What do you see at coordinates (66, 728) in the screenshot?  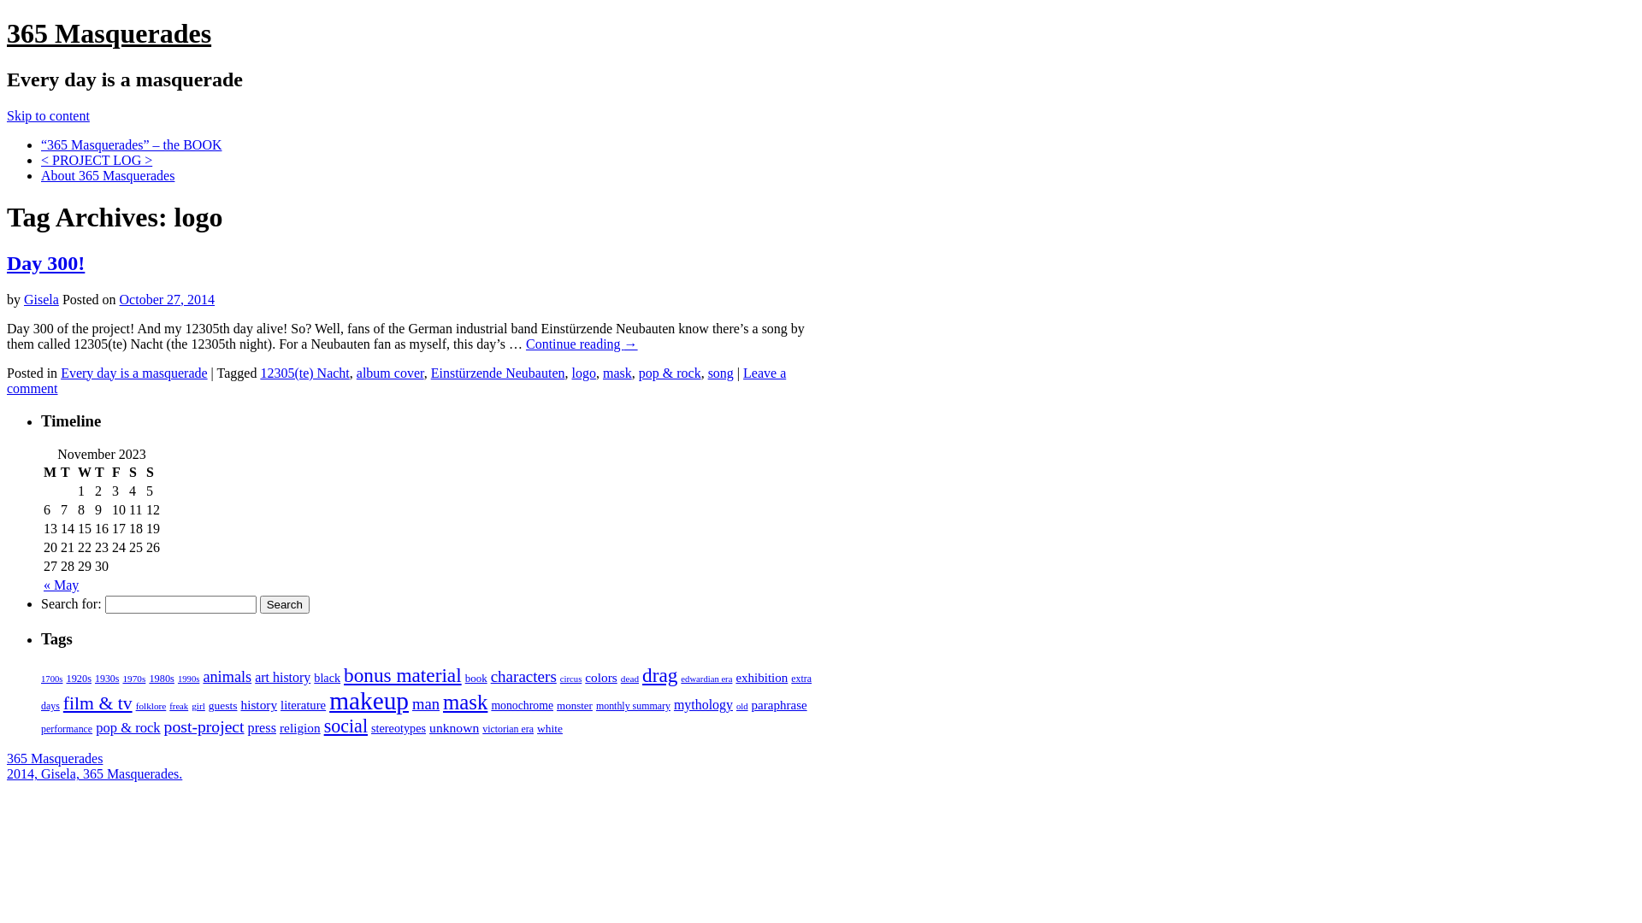 I see `'performance'` at bounding box center [66, 728].